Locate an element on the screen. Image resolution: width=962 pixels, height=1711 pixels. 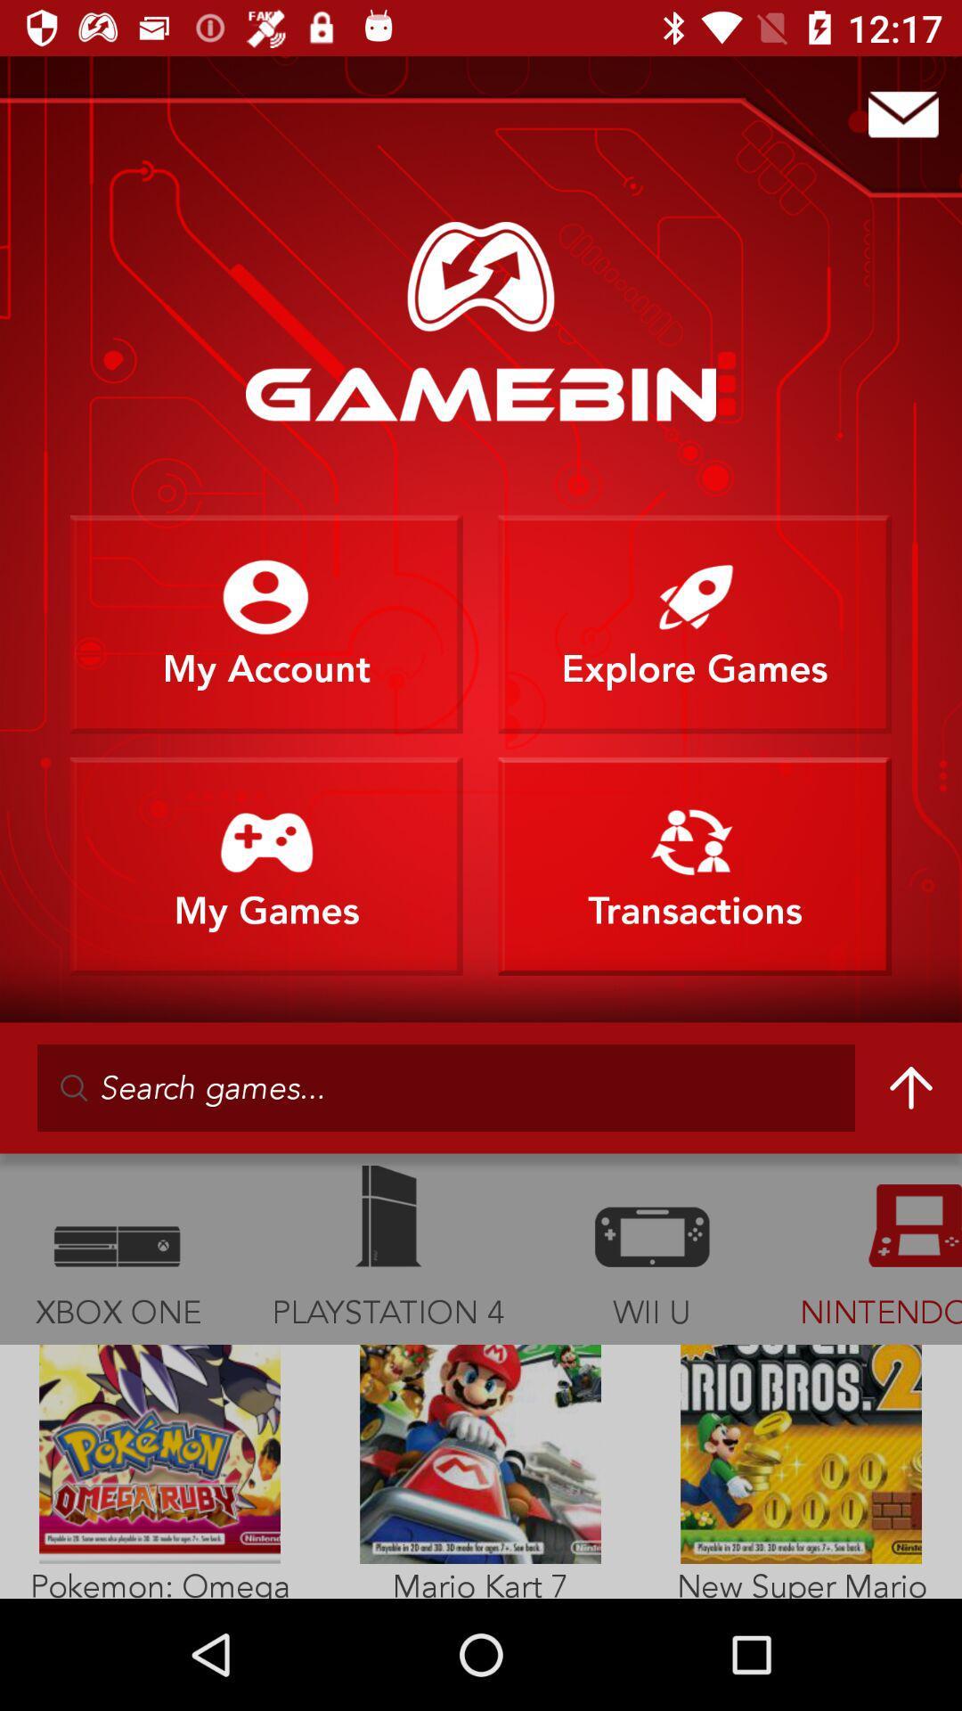
the email icon is located at coordinates (903, 113).